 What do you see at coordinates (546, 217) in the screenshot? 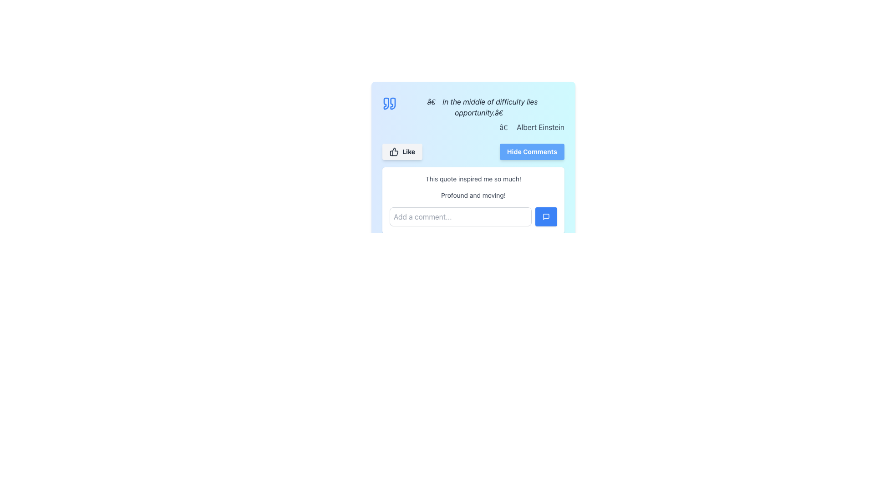
I see `the speech bubble icon embedded in the blue button at the bottom-right corner of the comment input section` at bounding box center [546, 217].